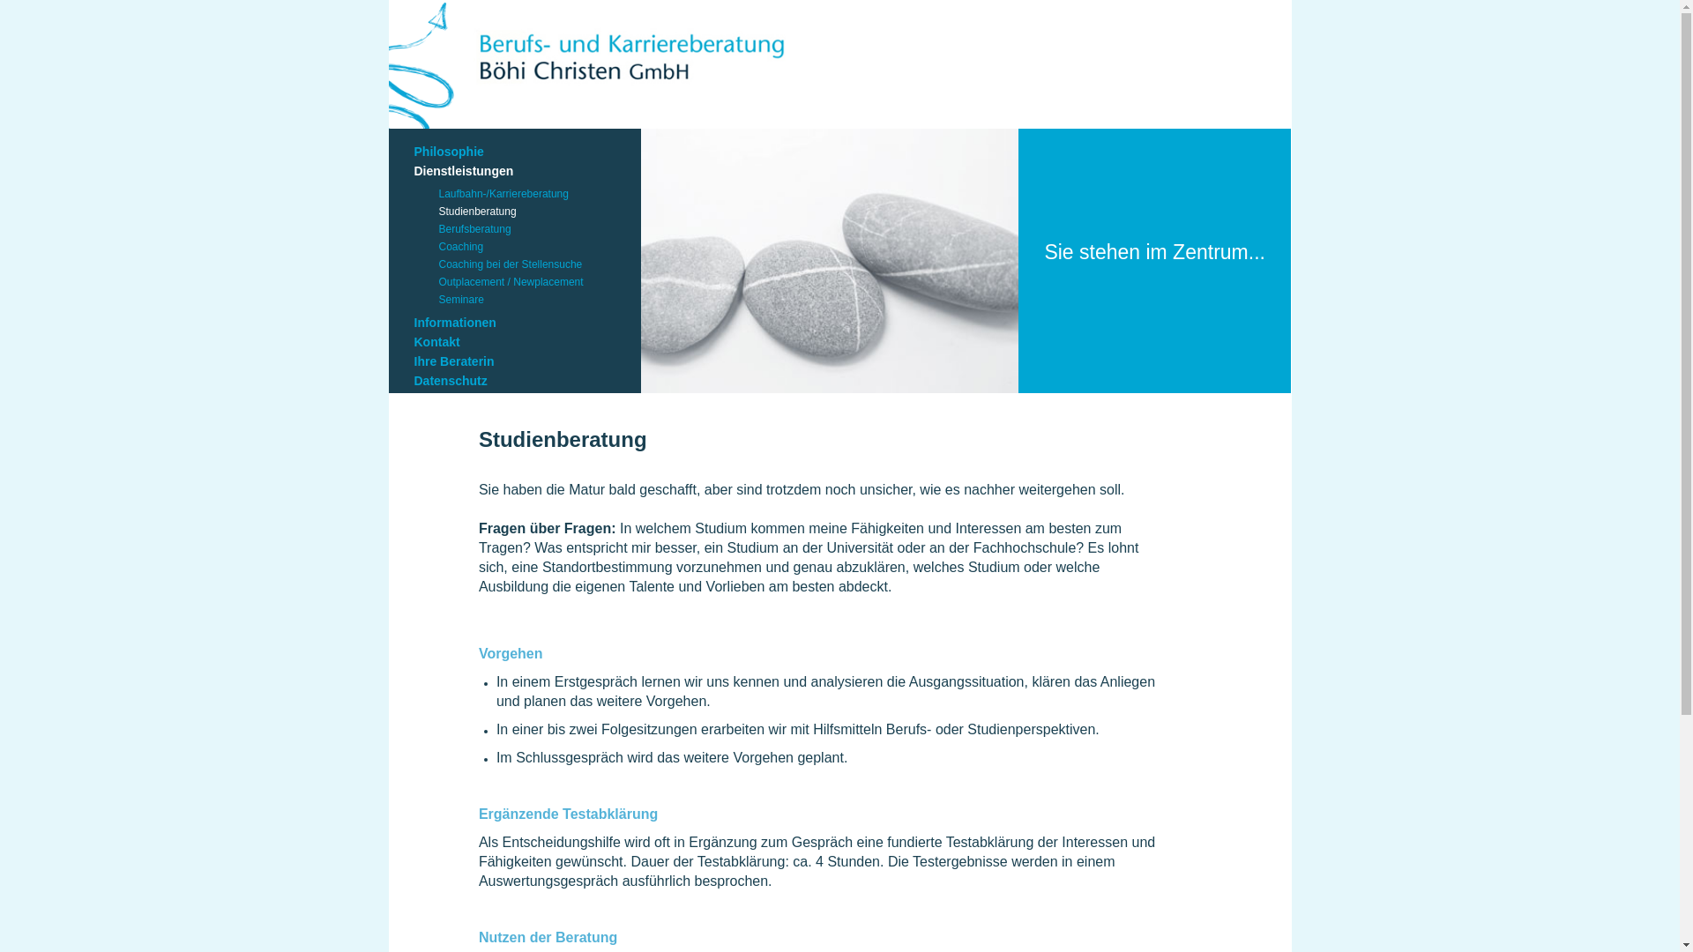  What do you see at coordinates (514, 380) in the screenshot?
I see `'Datenschutz'` at bounding box center [514, 380].